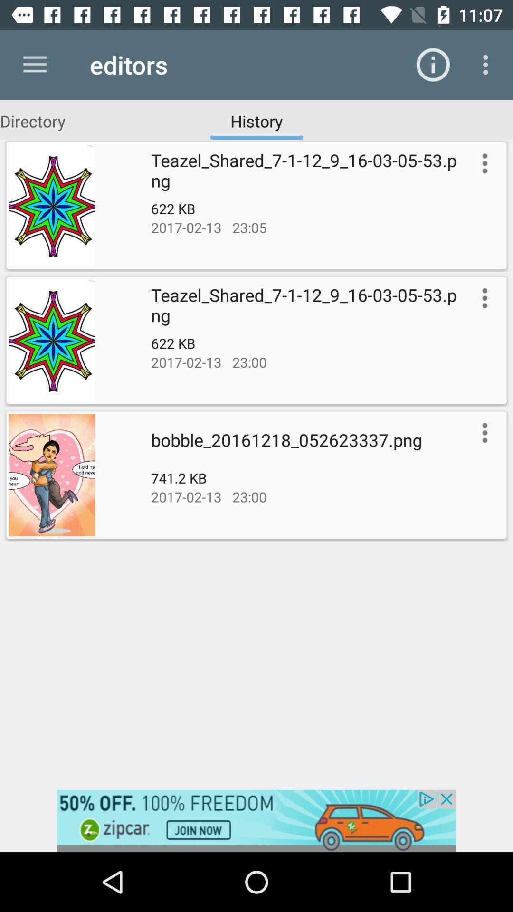 This screenshot has width=513, height=912. Describe the element at coordinates (483, 432) in the screenshot. I see `picture options` at that location.